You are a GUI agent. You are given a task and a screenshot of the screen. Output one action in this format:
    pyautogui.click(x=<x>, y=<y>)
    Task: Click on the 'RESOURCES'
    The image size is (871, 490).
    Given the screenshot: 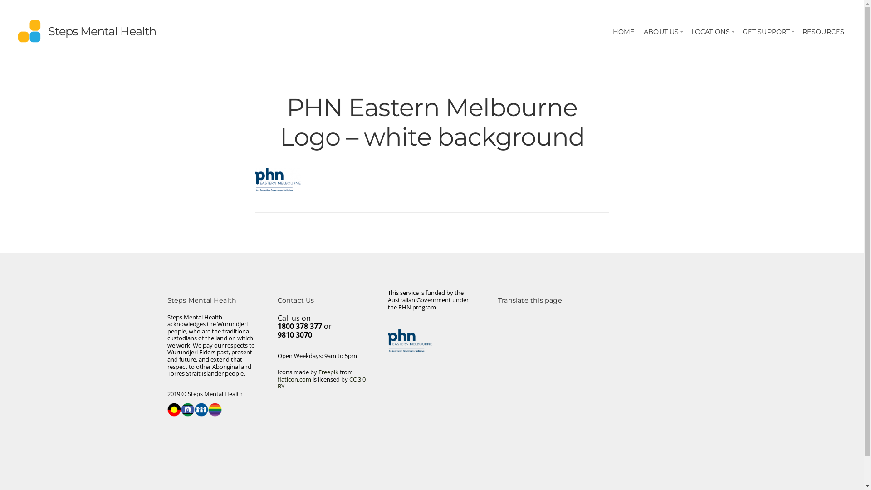 What is the action you would take?
    pyautogui.click(x=823, y=31)
    